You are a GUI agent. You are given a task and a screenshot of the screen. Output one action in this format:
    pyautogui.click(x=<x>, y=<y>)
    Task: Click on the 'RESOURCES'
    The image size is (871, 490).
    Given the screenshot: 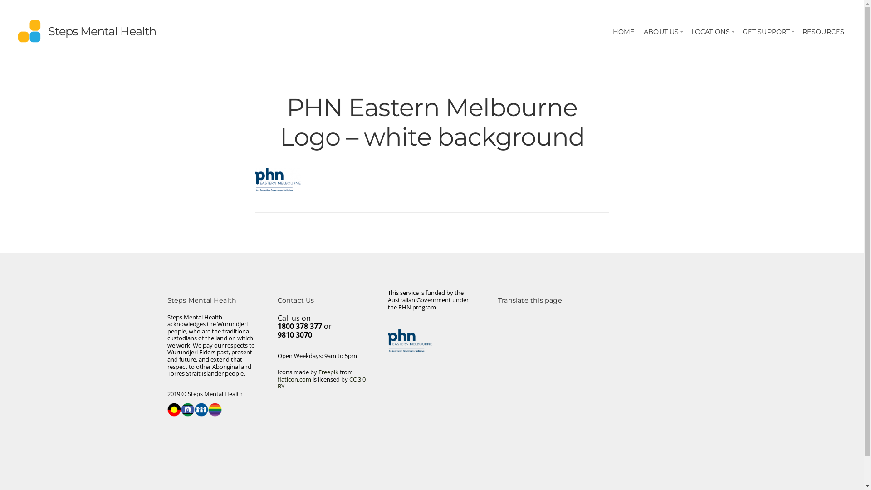 What is the action you would take?
    pyautogui.click(x=823, y=31)
    